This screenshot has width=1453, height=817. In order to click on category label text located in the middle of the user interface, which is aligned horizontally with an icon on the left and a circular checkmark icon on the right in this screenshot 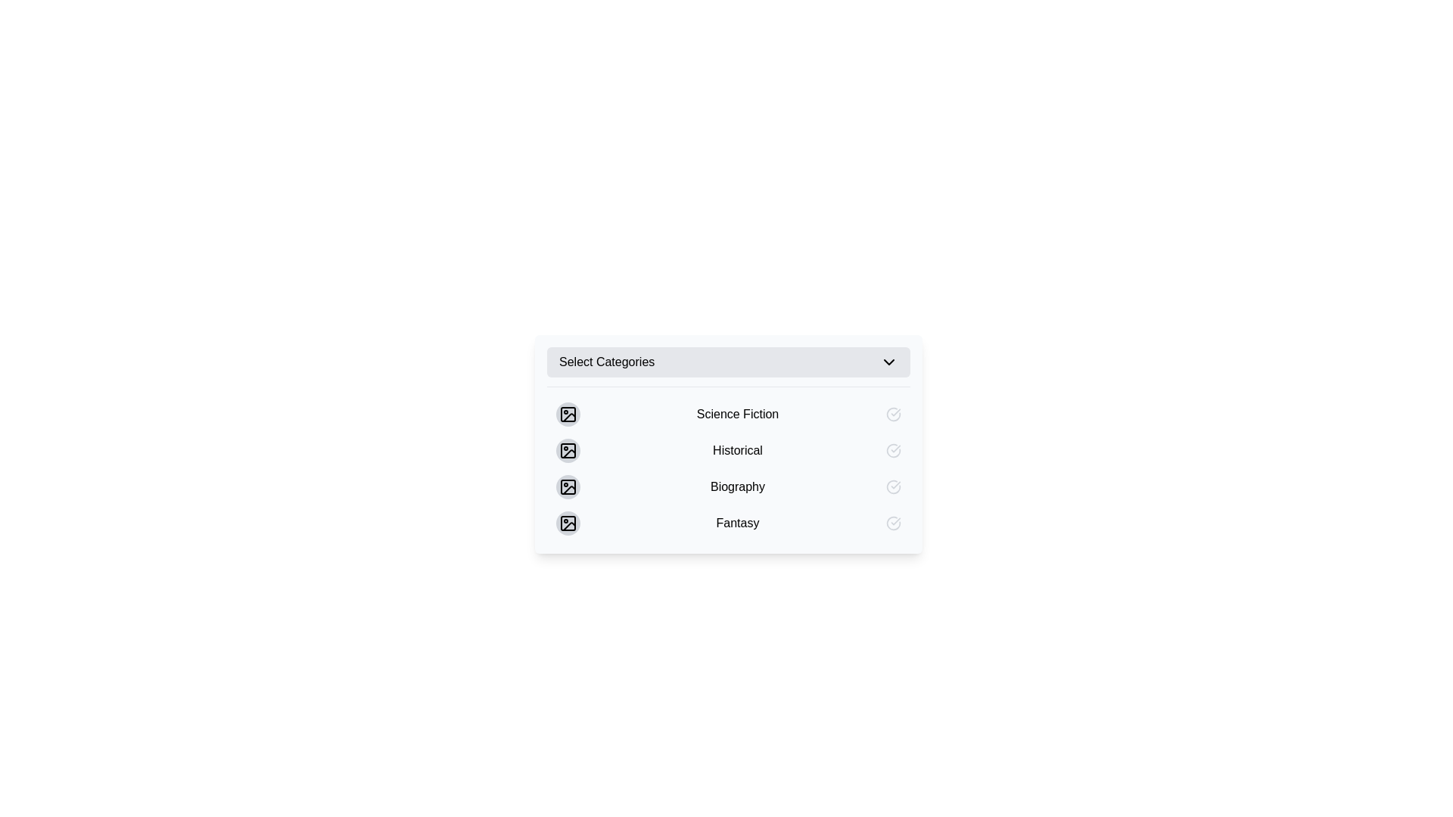, I will do `click(737, 414)`.